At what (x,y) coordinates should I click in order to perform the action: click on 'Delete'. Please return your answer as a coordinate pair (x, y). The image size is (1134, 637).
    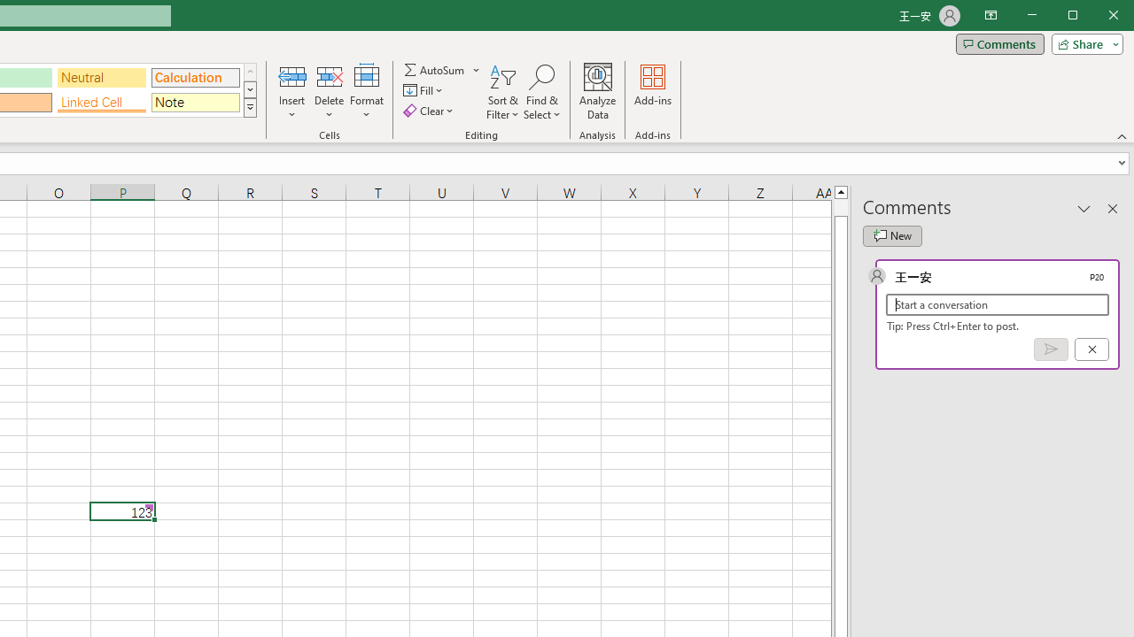
    Looking at the image, I should click on (329, 92).